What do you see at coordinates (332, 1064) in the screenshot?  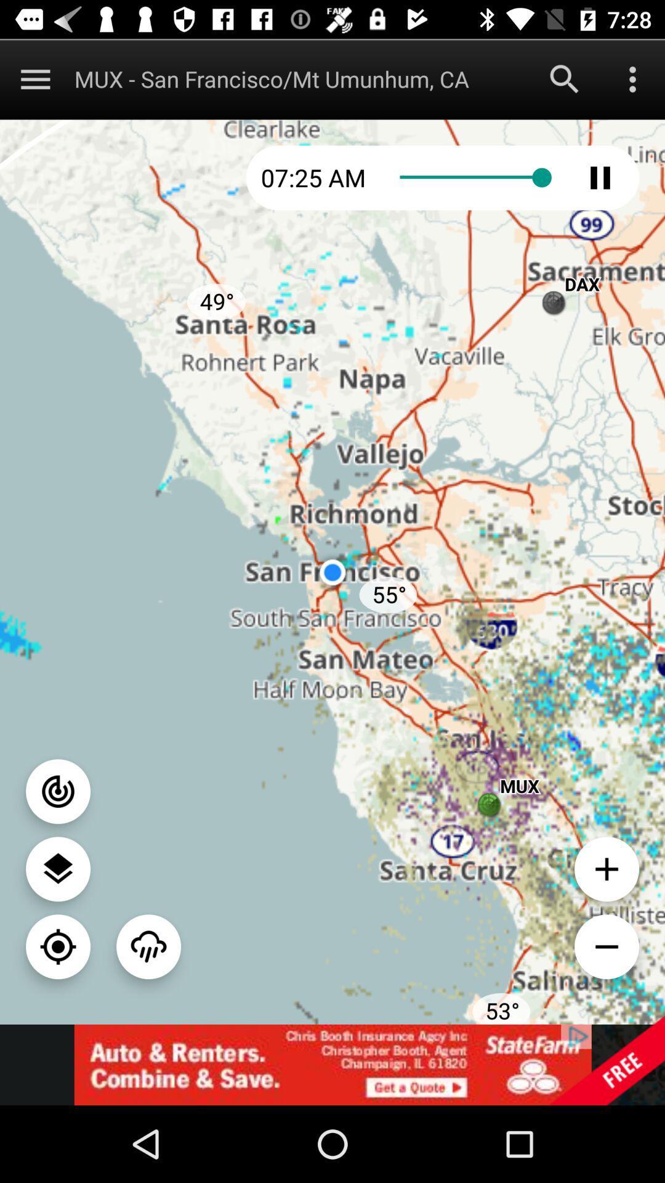 I see `website` at bounding box center [332, 1064].